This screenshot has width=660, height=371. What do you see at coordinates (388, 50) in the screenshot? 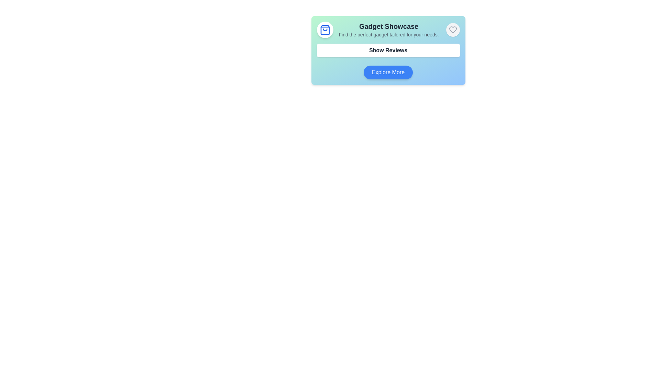
I see `the button located below the 'Gadget Showcase' heading` at bounding box center [388, 50].